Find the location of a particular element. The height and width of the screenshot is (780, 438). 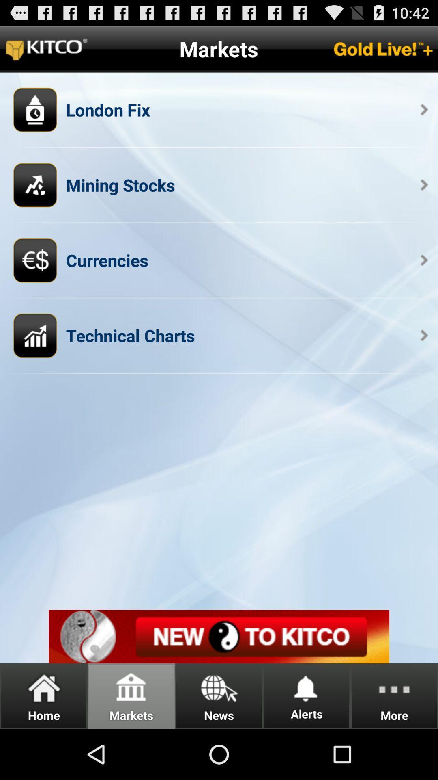

advertisement is located at coordinates (219, 636).